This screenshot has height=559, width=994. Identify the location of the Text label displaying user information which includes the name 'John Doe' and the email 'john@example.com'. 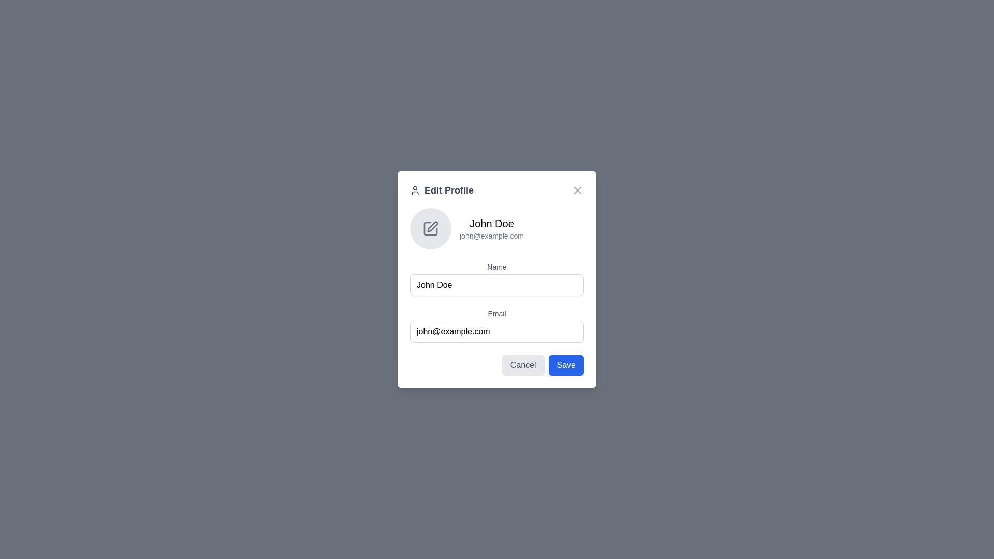
(491, 228).